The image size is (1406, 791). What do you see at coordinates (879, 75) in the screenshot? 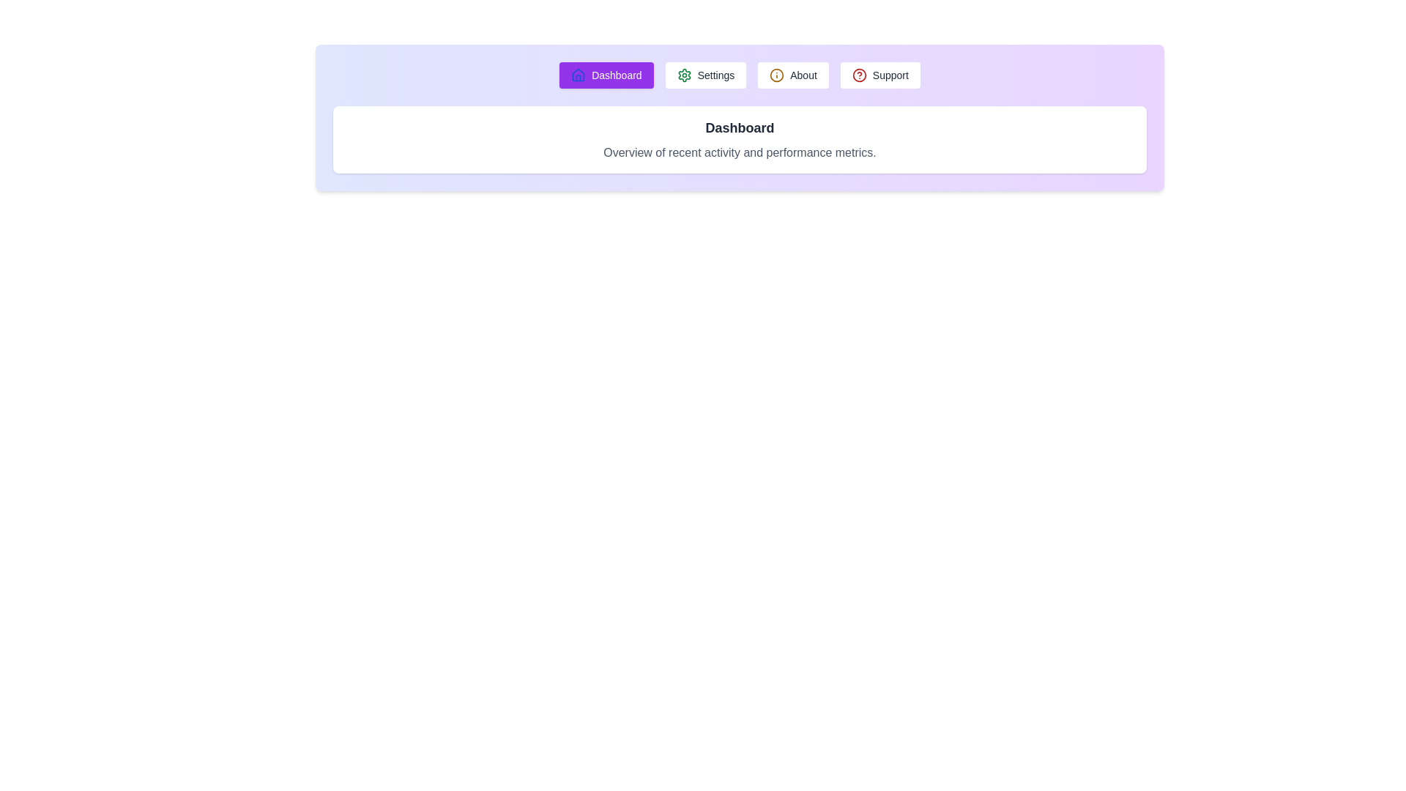
I see `the tab labeled Support` at bounding box center [879, 75].